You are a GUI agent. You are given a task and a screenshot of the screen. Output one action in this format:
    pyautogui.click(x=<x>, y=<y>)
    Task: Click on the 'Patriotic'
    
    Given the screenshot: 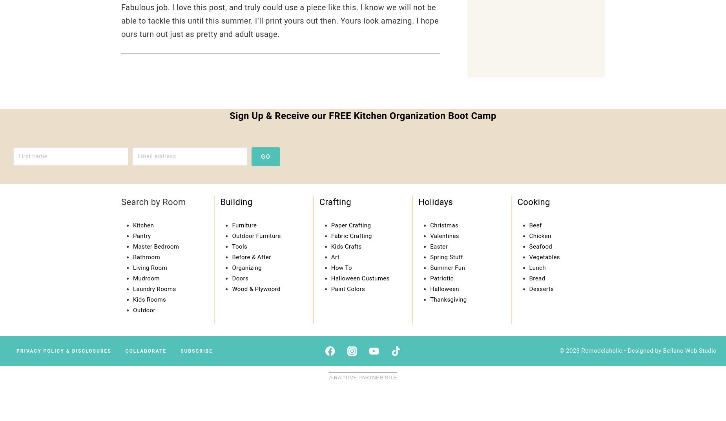 What is the action you would take?
    pyautogui.click(x=441, y=277)
    